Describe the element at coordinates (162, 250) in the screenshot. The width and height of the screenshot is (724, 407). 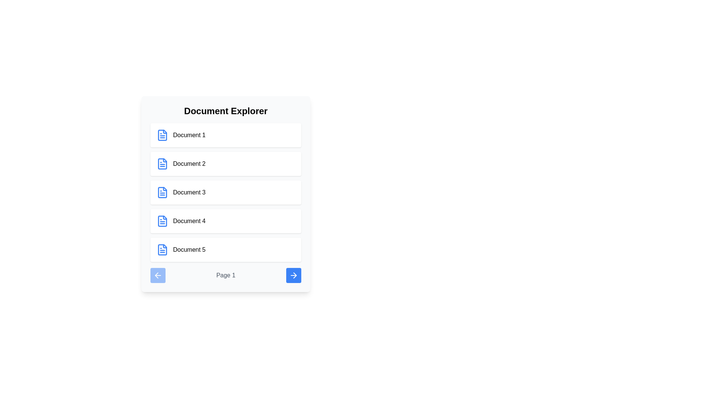
I see `the document icon with a blue background and white outline located in the fifth entry of the 'Document Explorer' list, adjacent to 'Document 5'` at that location.